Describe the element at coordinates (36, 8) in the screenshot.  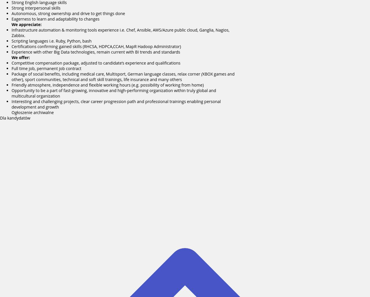
I see `'Strong interpersonal skills'` at that location.